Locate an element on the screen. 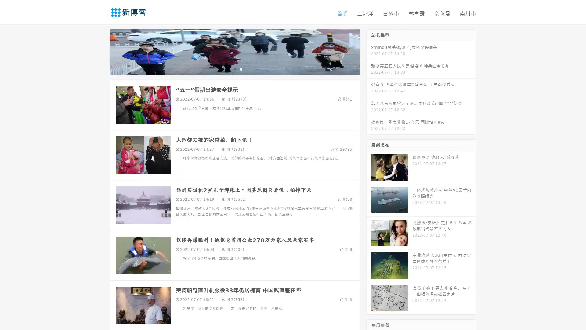  Go to slide 3 is located at coordinates (241, 69).